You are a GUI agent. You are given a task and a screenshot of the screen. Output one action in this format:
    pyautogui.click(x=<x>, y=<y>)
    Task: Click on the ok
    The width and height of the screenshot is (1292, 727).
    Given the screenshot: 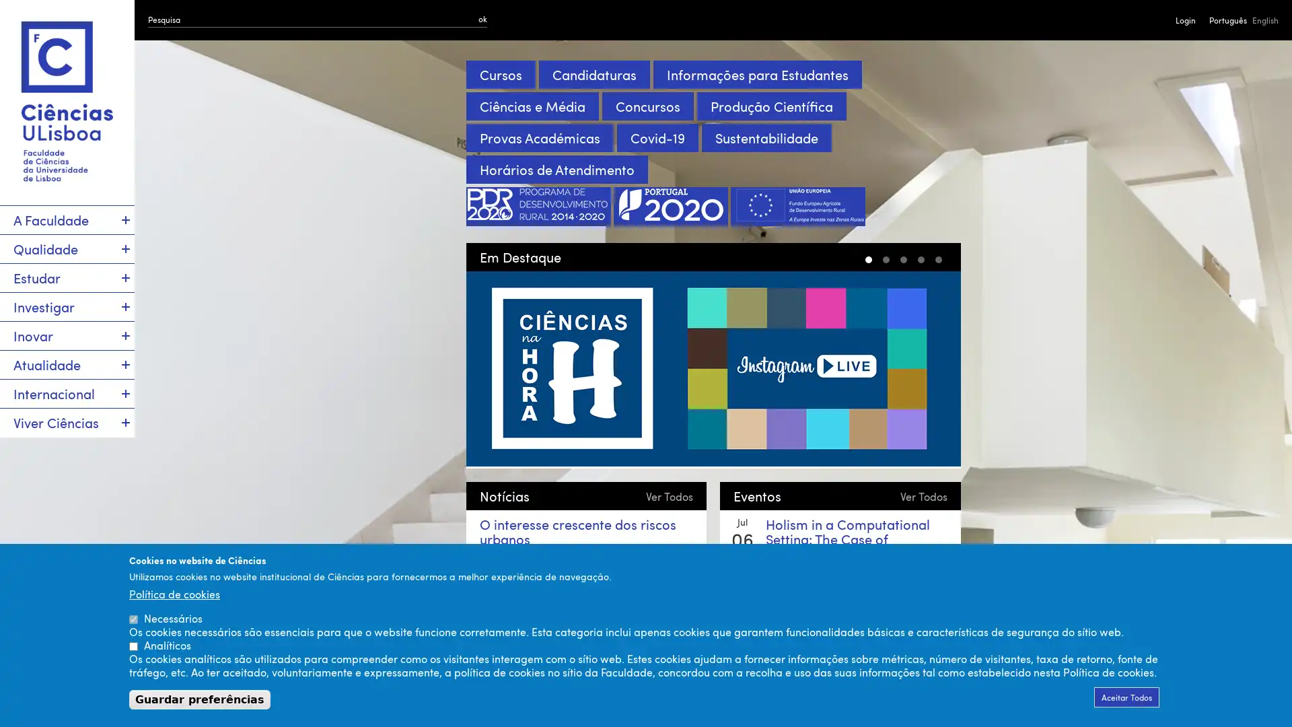 What is the action you would take?
    pyautogui.click(x=482, y=18)
    